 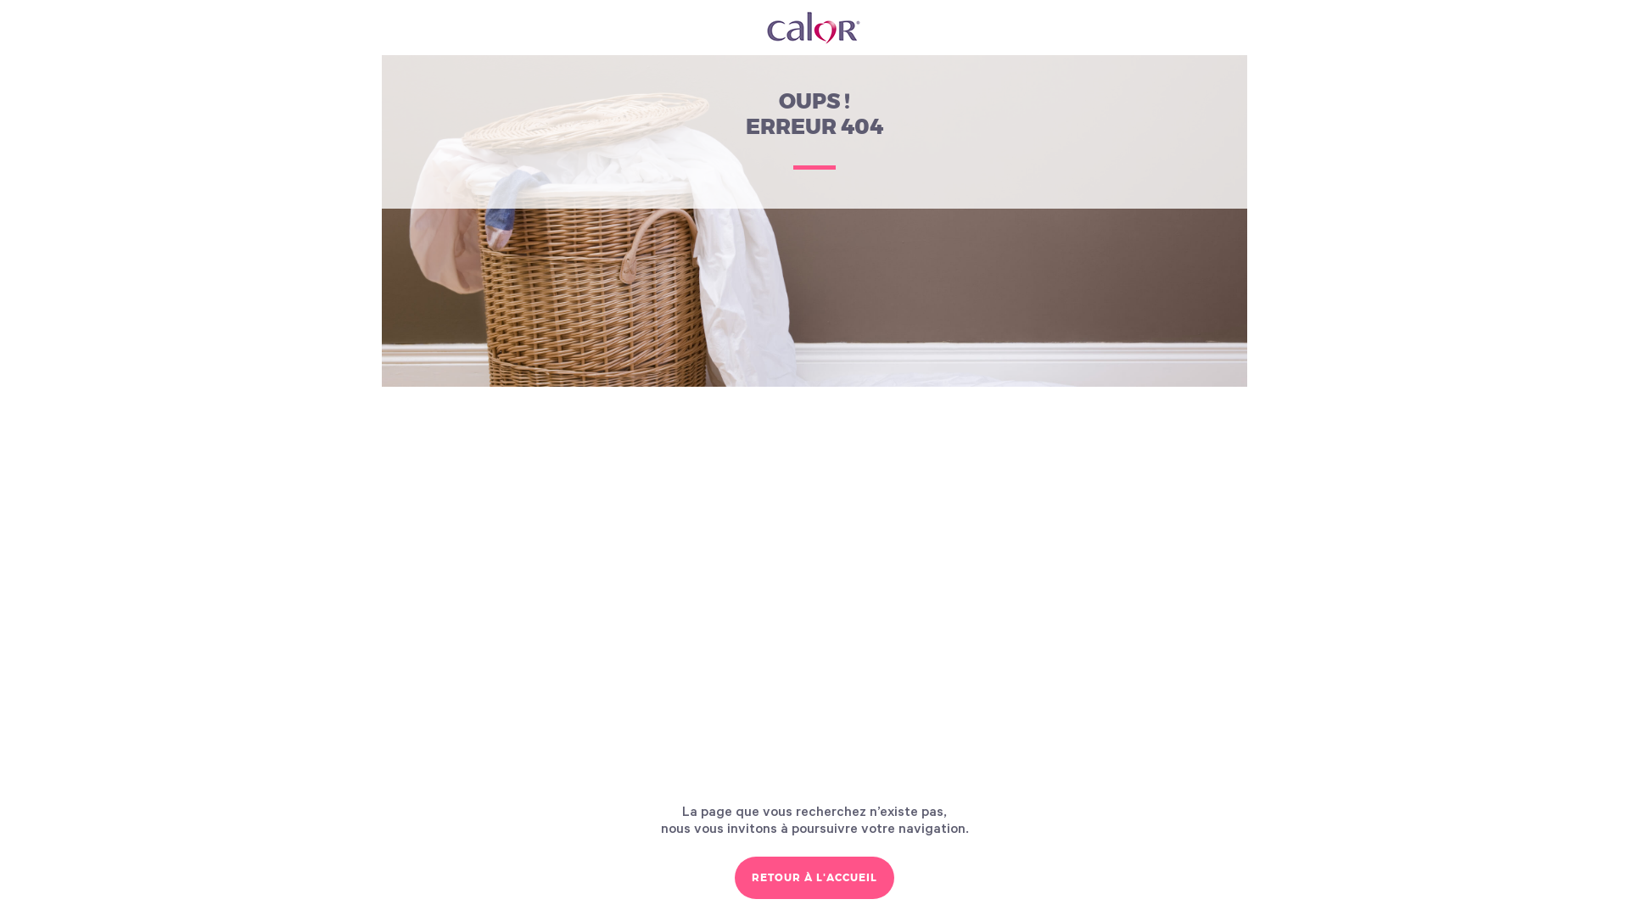 What do you see at coordinates (814, 28) in the screenshot?
I see `'Calor France'` at bounding box center [814, 28].